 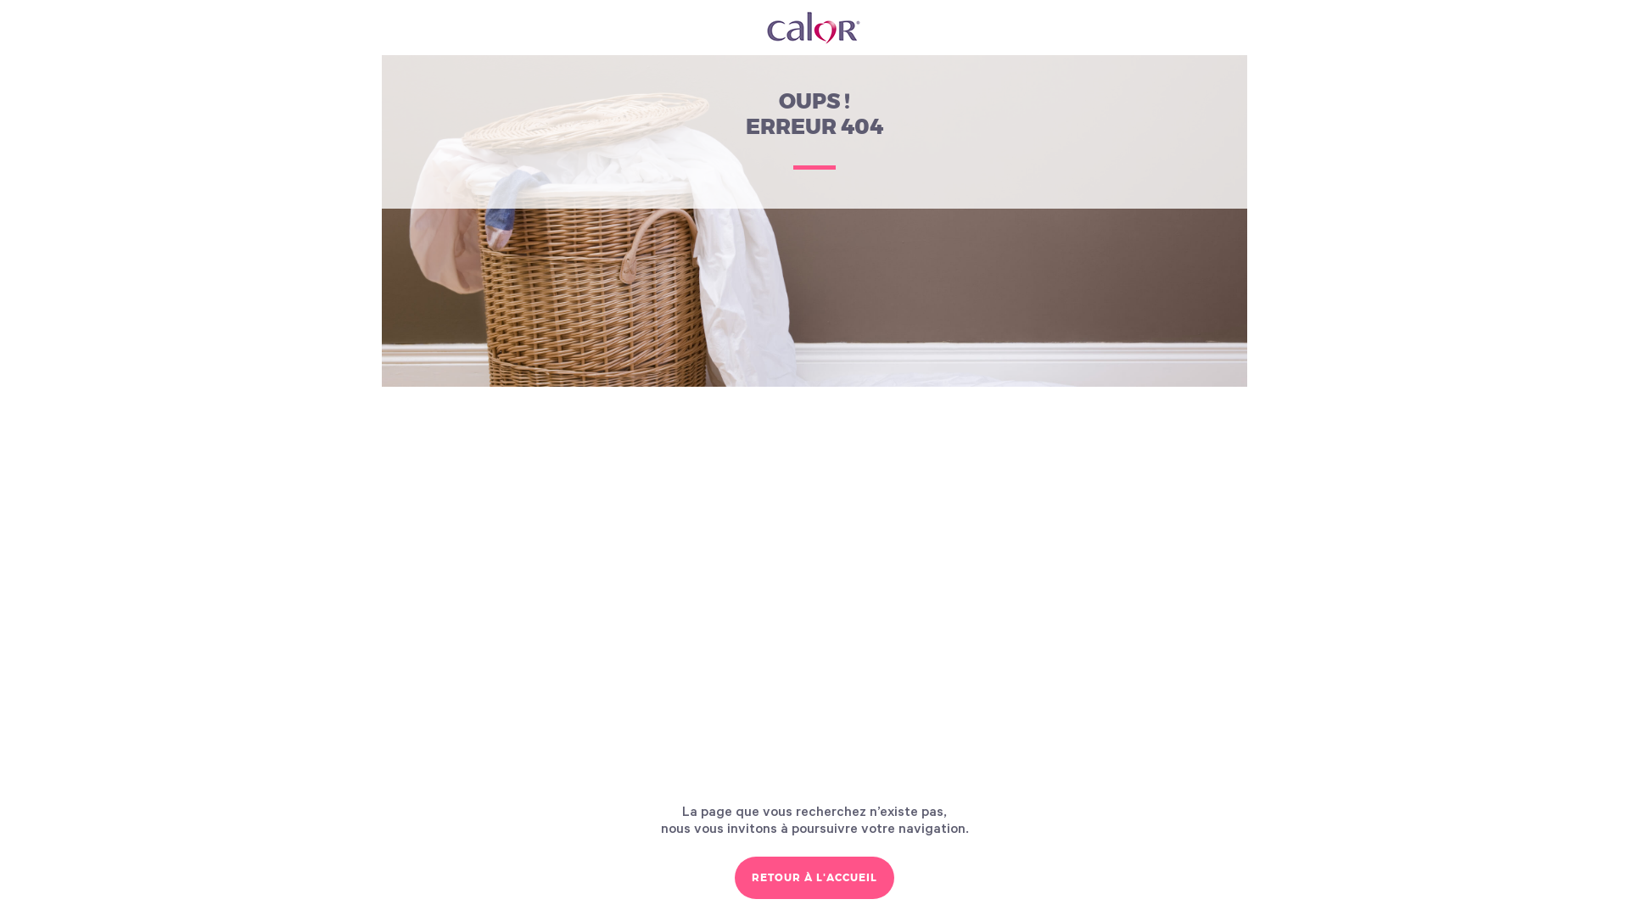 What do you see at coordinates (814, 28) in the screenshot?
I see `'Calor France'` at bounding box center [814, 28].